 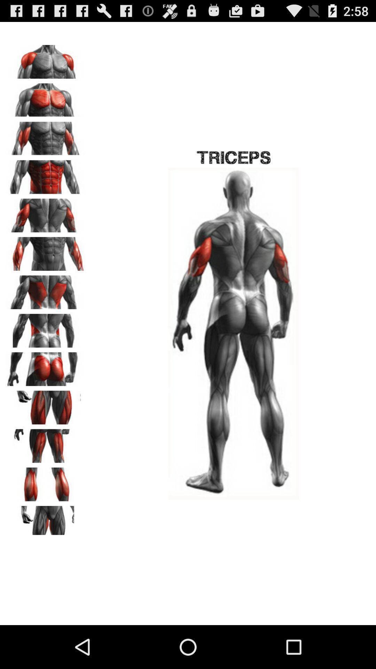 What do you see at coordinates (46, 482) in the screenshot?
I see `calves` at bounding box center [46, 482].